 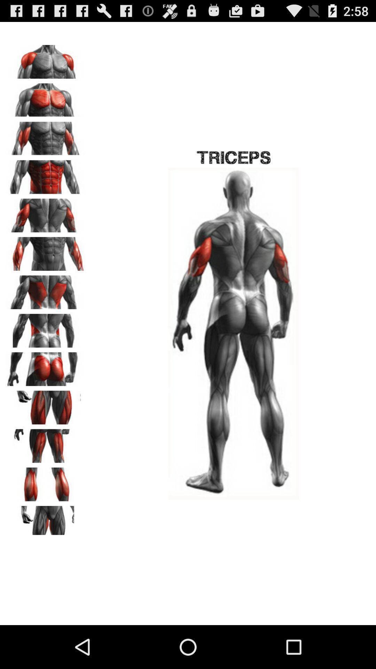 What do you see at coordinates (46, 482) in the screenshot?
I see `calves` at bounding box center [46, 482].